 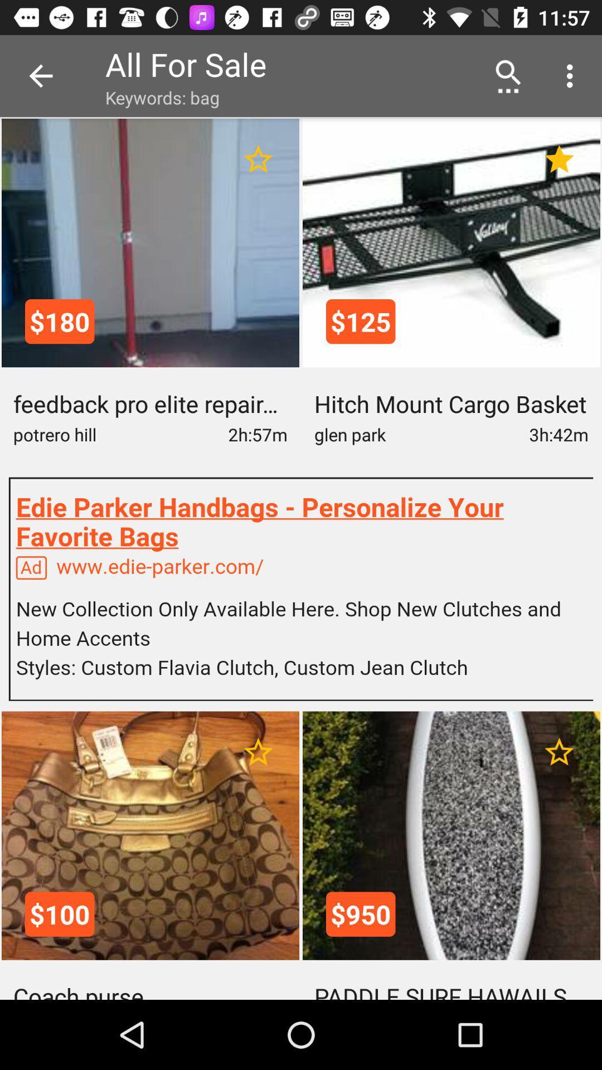 I want to click on rate the order, so click(x=258, y=159).